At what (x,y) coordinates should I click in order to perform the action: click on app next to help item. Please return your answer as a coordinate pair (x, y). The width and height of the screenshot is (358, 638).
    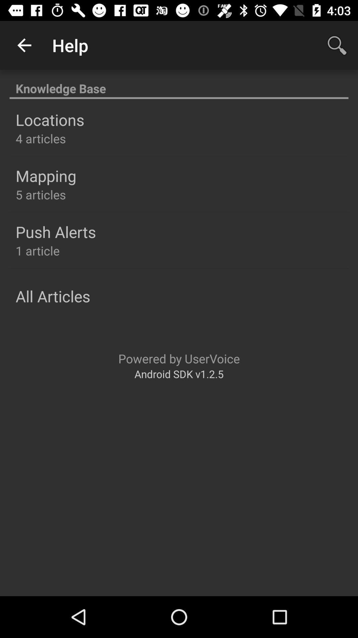
    Looking at the image, I should click on (24, 45).